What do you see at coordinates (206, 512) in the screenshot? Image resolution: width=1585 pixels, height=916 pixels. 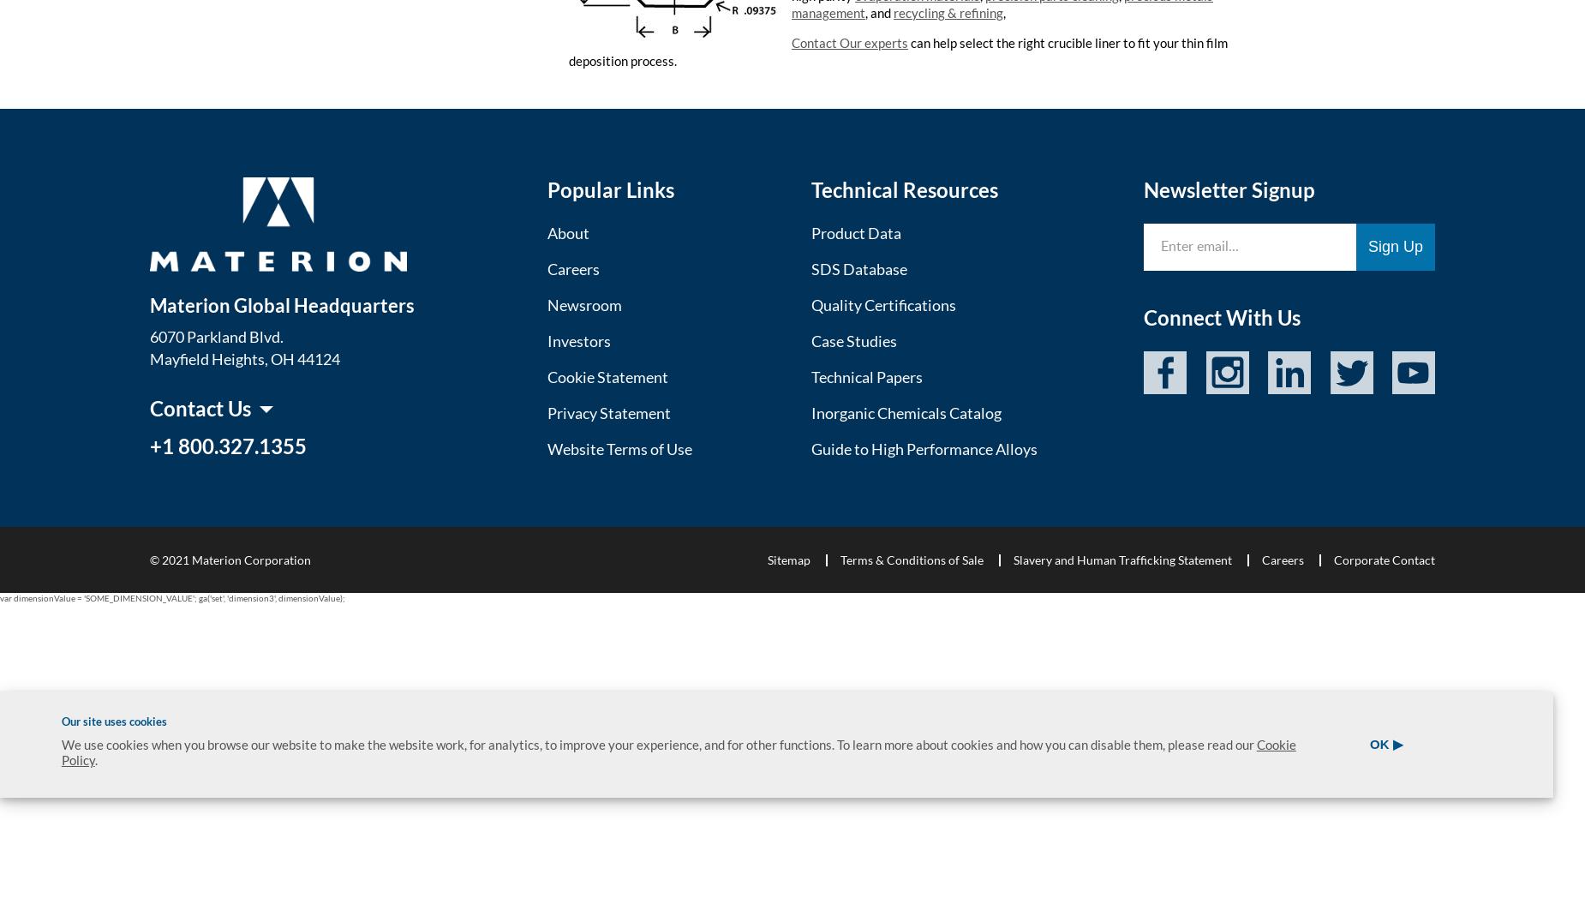 I see `'North America'` at bounding box center [206, 512].